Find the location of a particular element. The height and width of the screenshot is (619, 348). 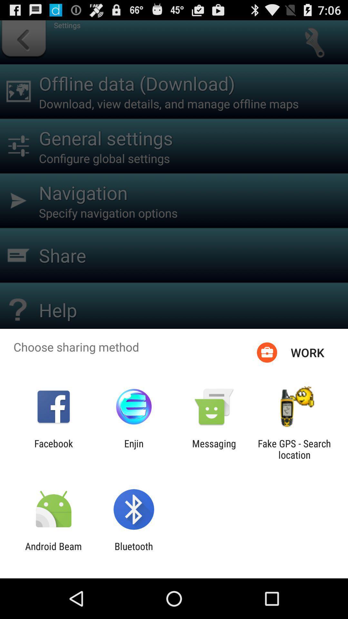

the item next to messaging icon is located at coordinates (294, 449).